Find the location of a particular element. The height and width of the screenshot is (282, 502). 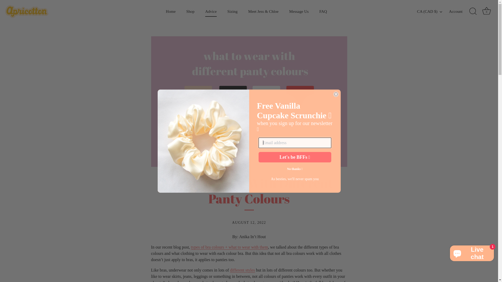

'Vanilla Cupcake Scrunchie' is located at coordinates (203, 140).